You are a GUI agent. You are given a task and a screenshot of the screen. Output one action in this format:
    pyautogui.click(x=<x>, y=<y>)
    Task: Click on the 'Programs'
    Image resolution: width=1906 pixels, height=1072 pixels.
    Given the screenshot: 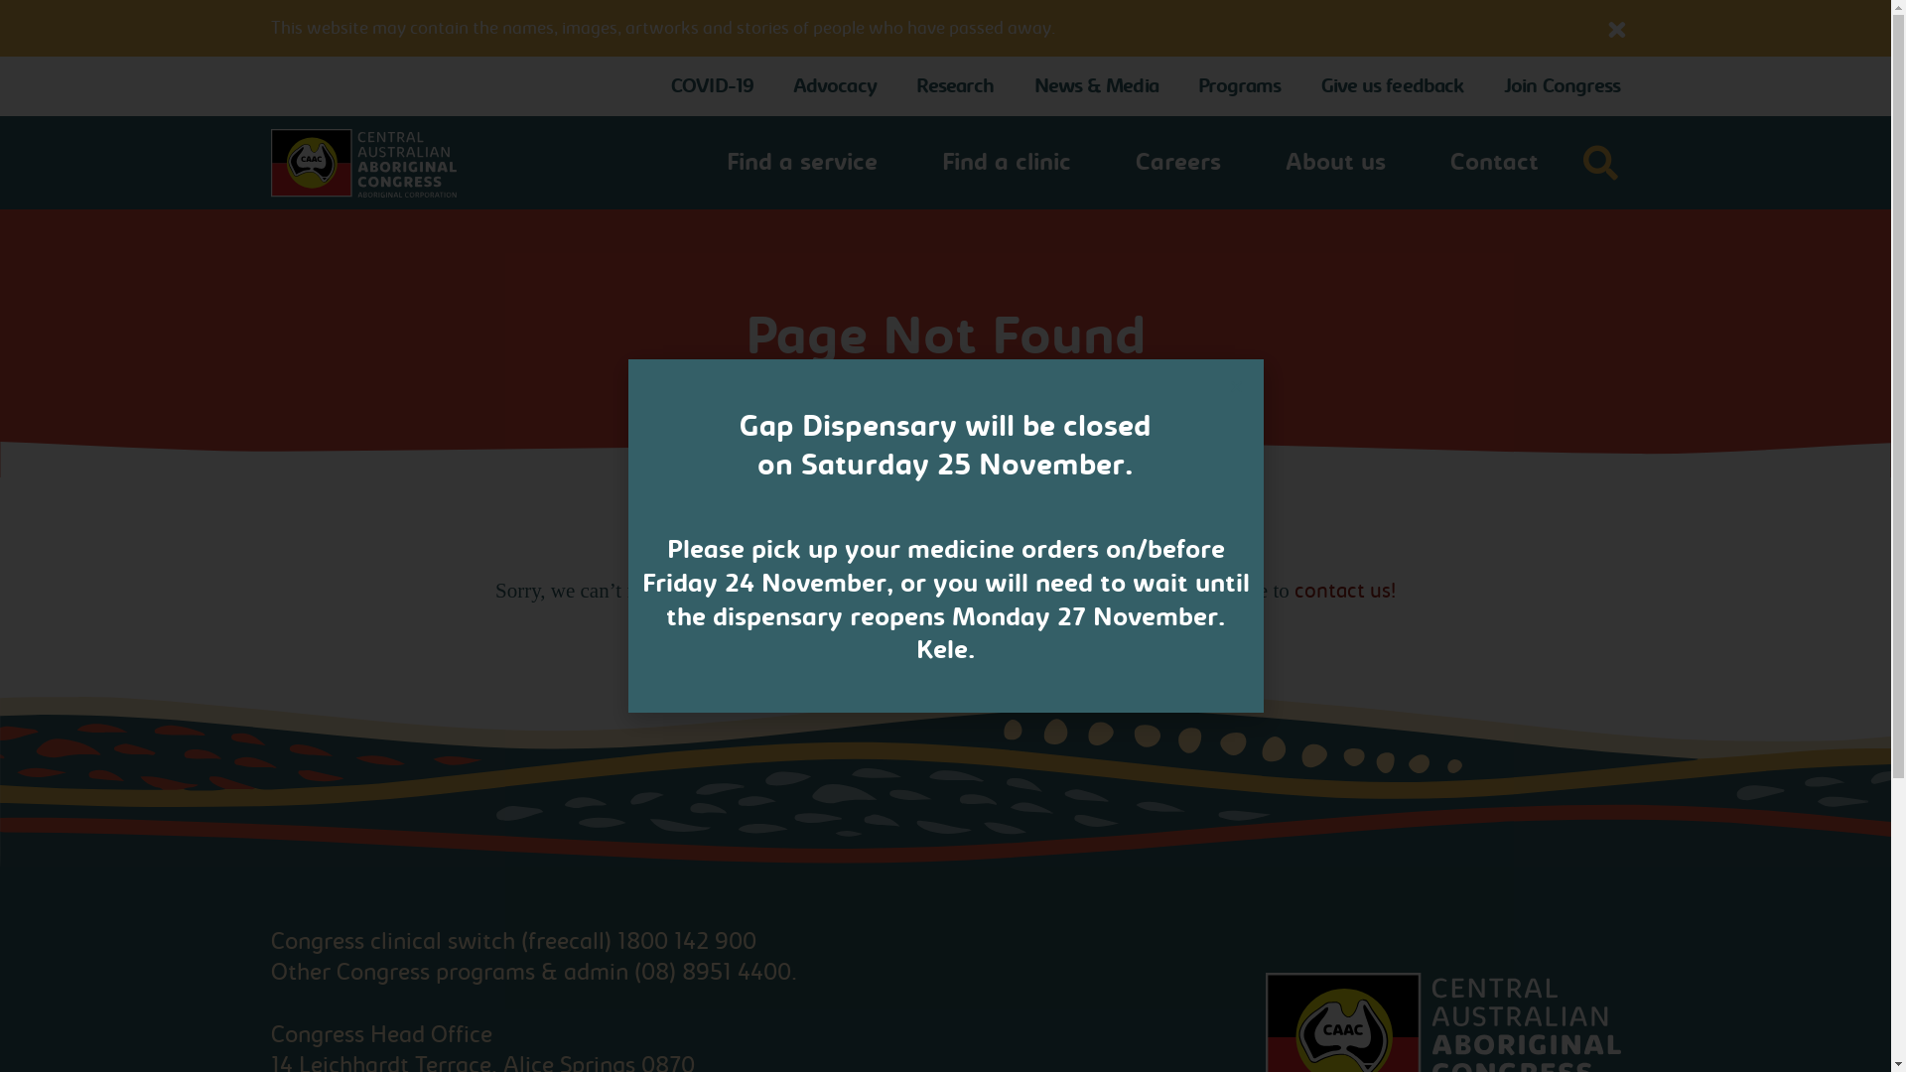 What is the action you would take?
    pyautogui.click(x=1238, y=85)
    